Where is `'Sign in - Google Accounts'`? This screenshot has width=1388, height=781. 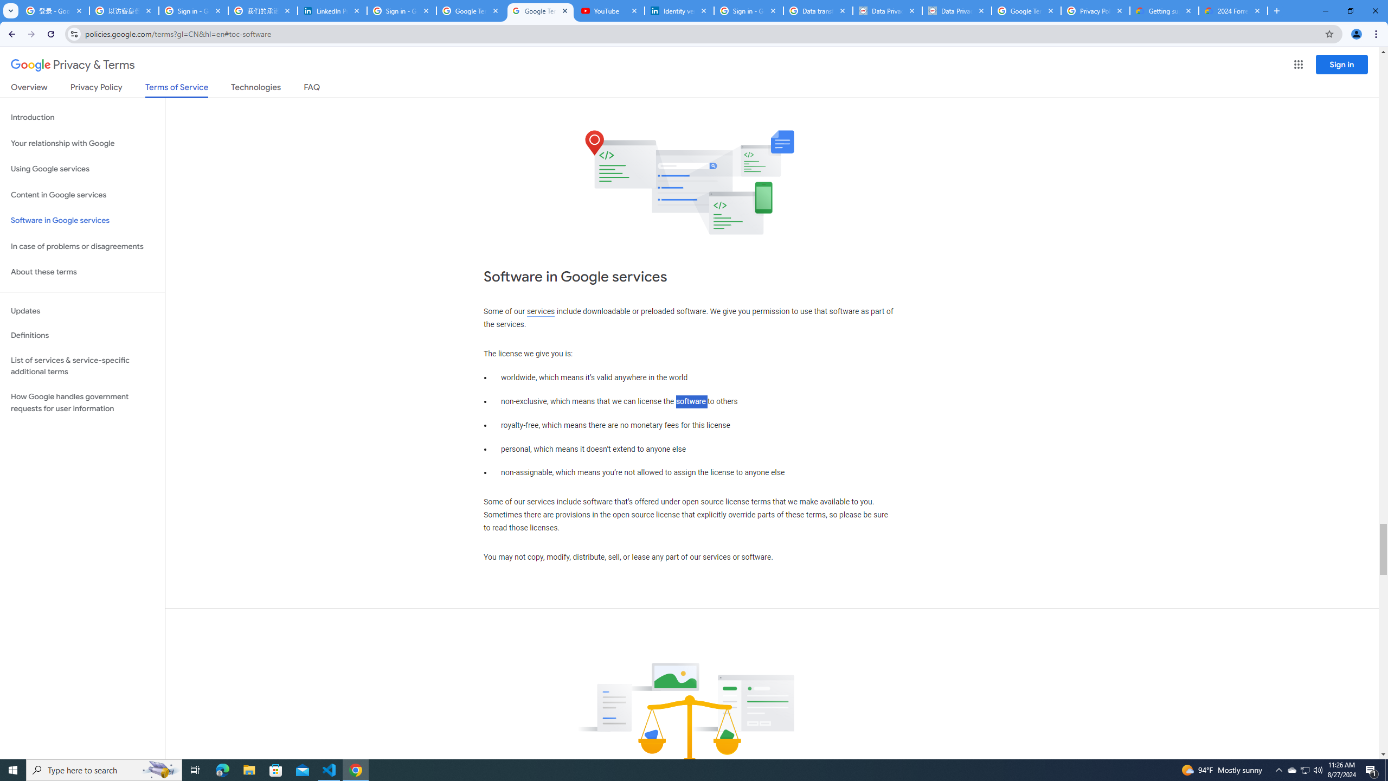 'Sign in - Google Accounts' is located at coordinates (193, 10).